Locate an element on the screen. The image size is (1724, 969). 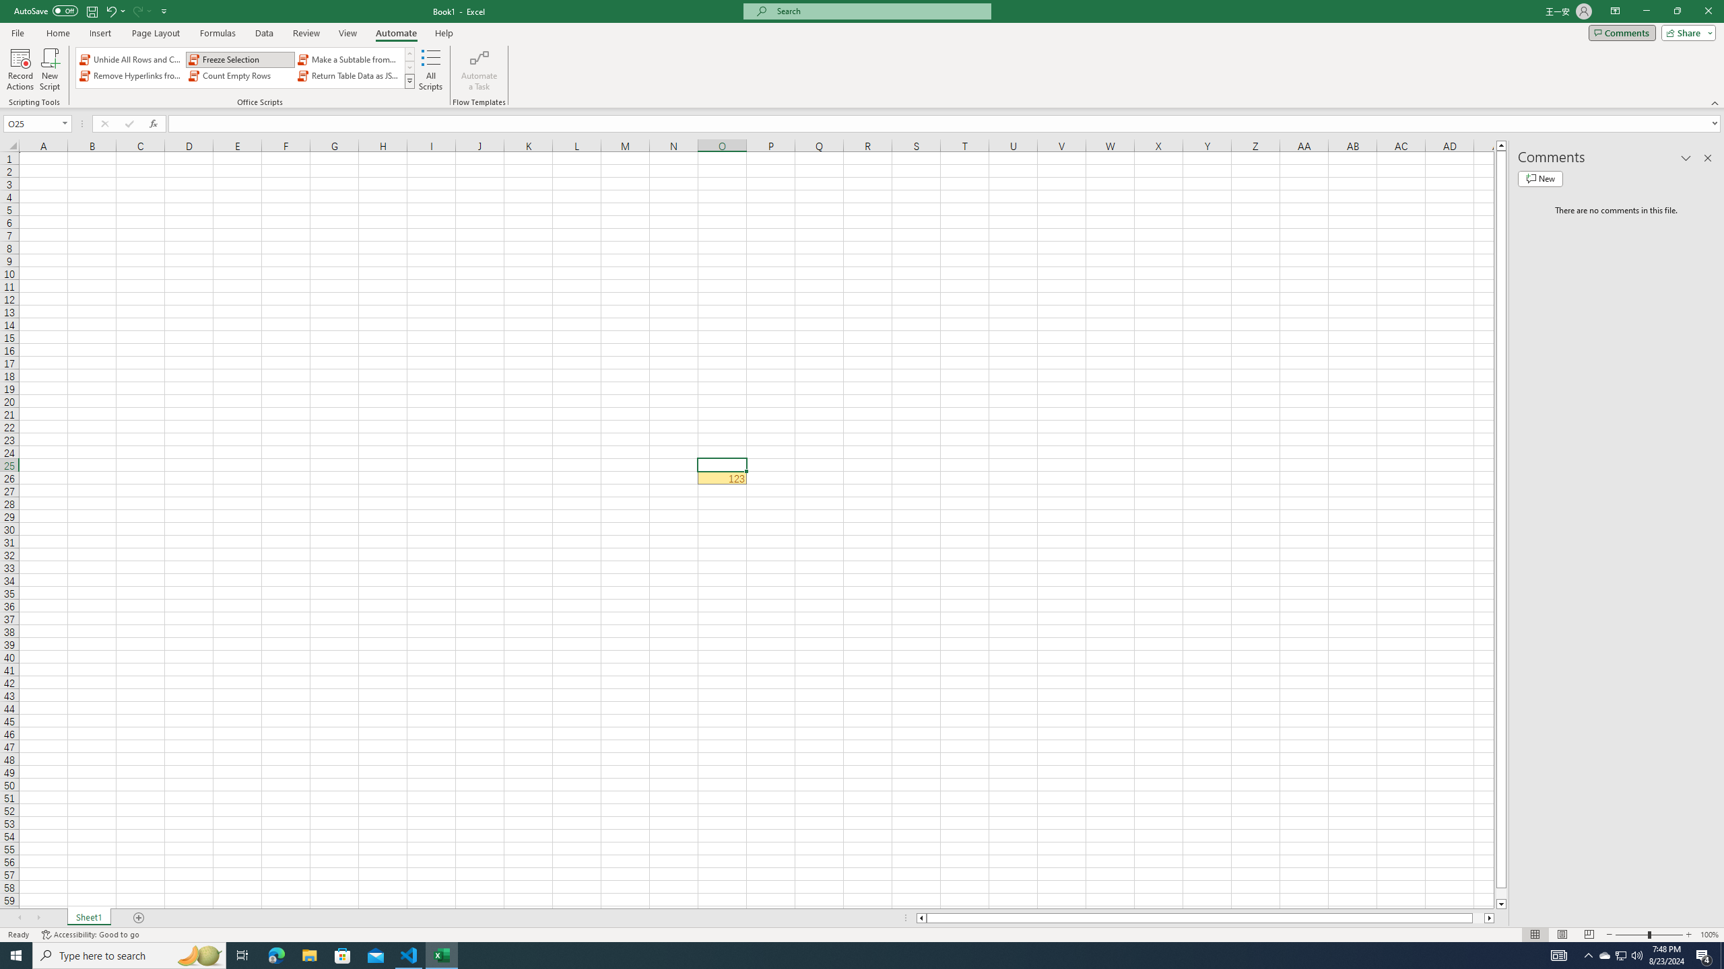
'Review' is located at coordinates (305, 33).